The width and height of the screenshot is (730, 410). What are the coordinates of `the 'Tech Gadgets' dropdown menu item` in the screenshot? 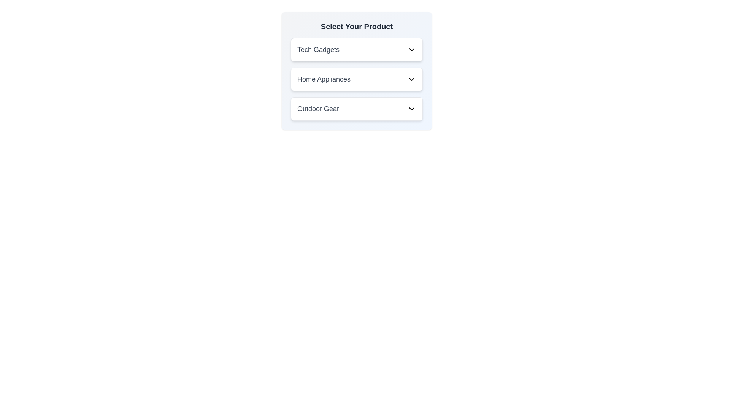 It's located at (356, 50).